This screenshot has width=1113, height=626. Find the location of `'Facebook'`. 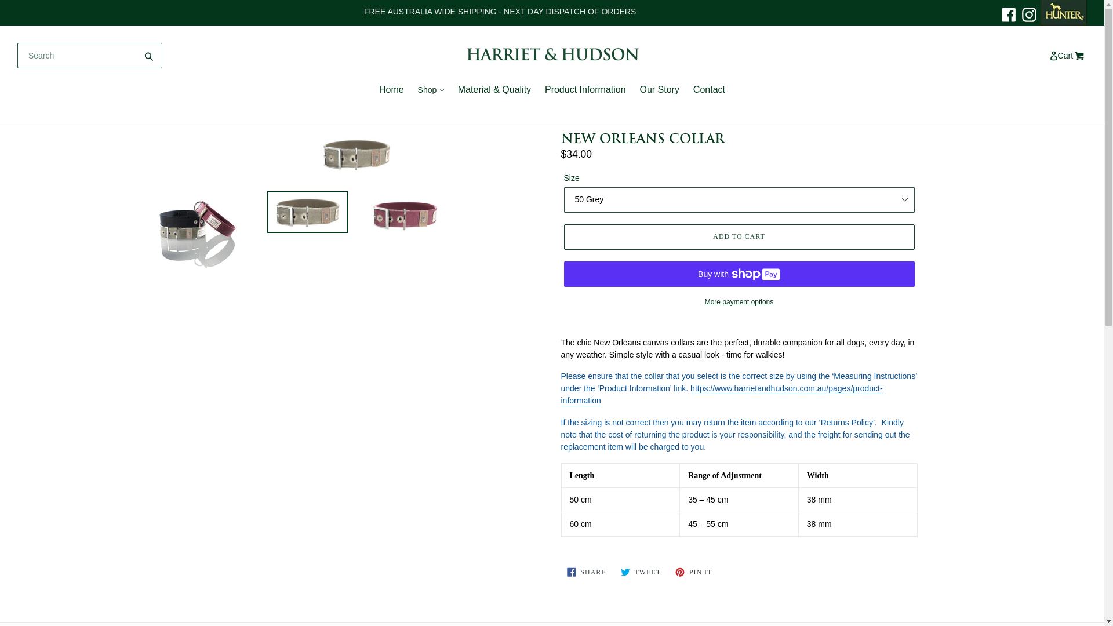

'Facebook' is located at coordinates (1008, 14).